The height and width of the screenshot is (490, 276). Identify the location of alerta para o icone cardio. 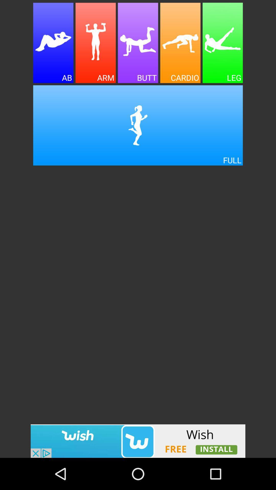
(180, 43).